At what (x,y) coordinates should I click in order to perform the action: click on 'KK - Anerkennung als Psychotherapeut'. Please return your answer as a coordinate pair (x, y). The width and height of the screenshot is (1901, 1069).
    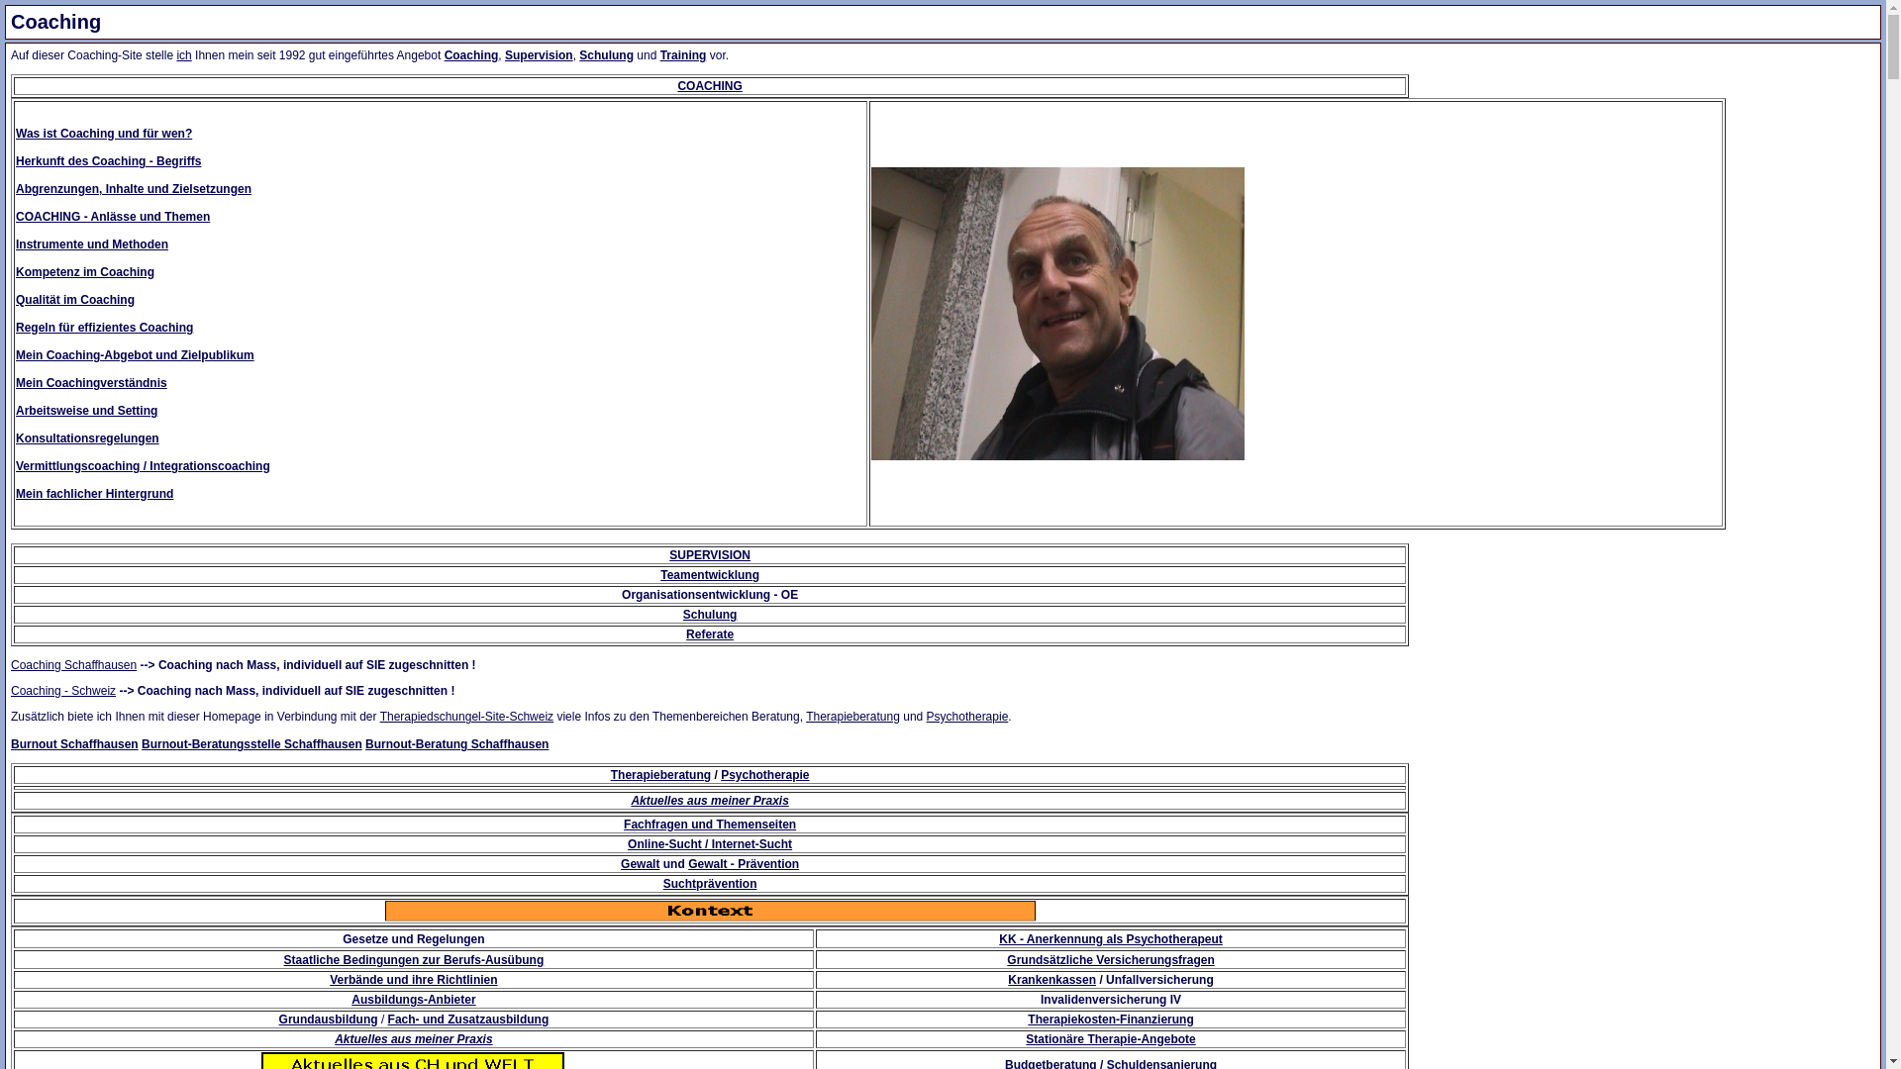
    Looking at the image, I should click on (1111, 937).